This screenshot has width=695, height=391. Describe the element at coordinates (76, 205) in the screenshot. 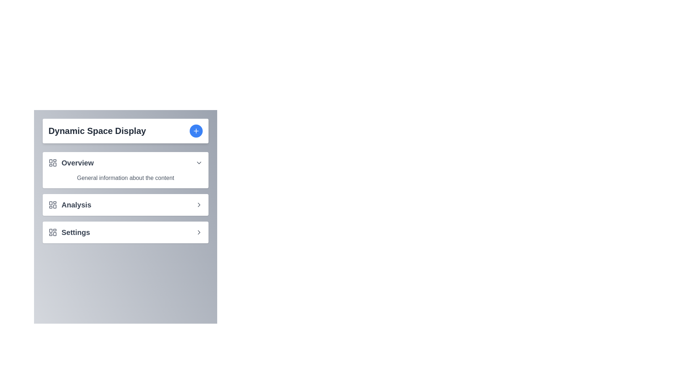

I see `the 'Analysis' static text label, which is the second label in the list, positioned below 'Overview' and above 'Settings', left-aligned with its siblings, adjacent to an icon on the left and a navigation indicator on the right` at that location.